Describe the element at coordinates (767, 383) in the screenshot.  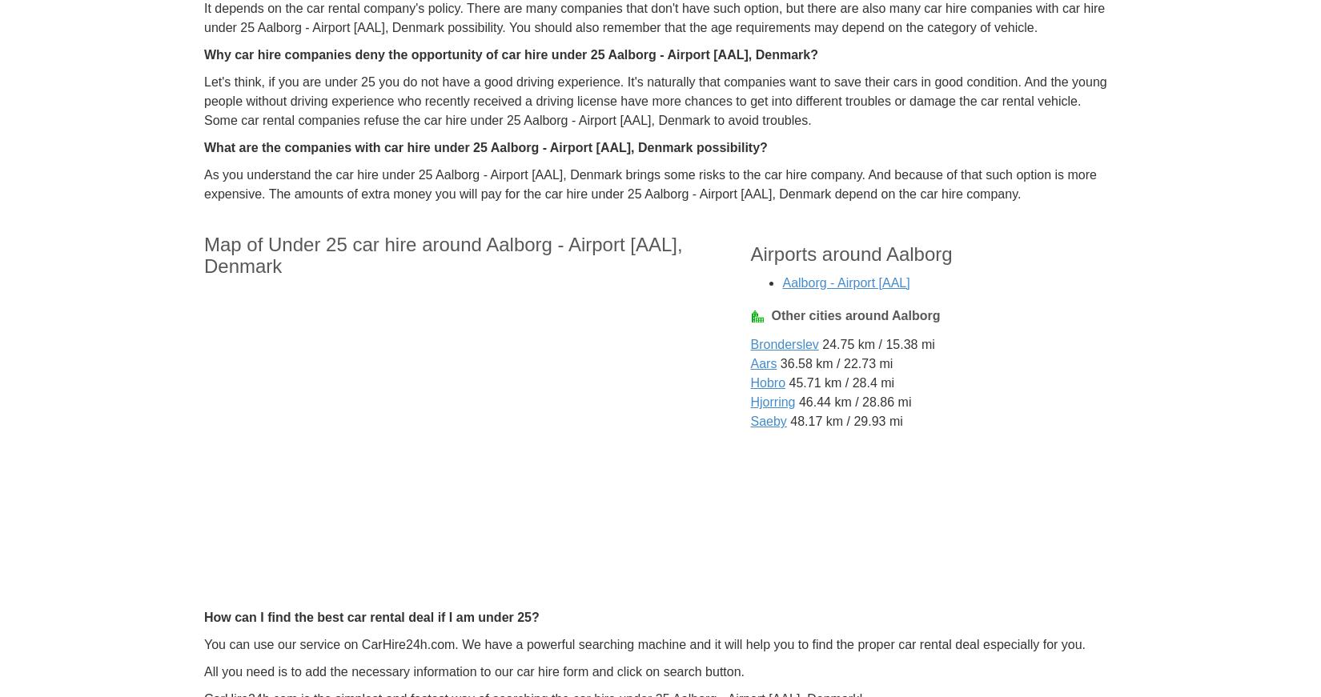
I see `'Hobro'` at that location.